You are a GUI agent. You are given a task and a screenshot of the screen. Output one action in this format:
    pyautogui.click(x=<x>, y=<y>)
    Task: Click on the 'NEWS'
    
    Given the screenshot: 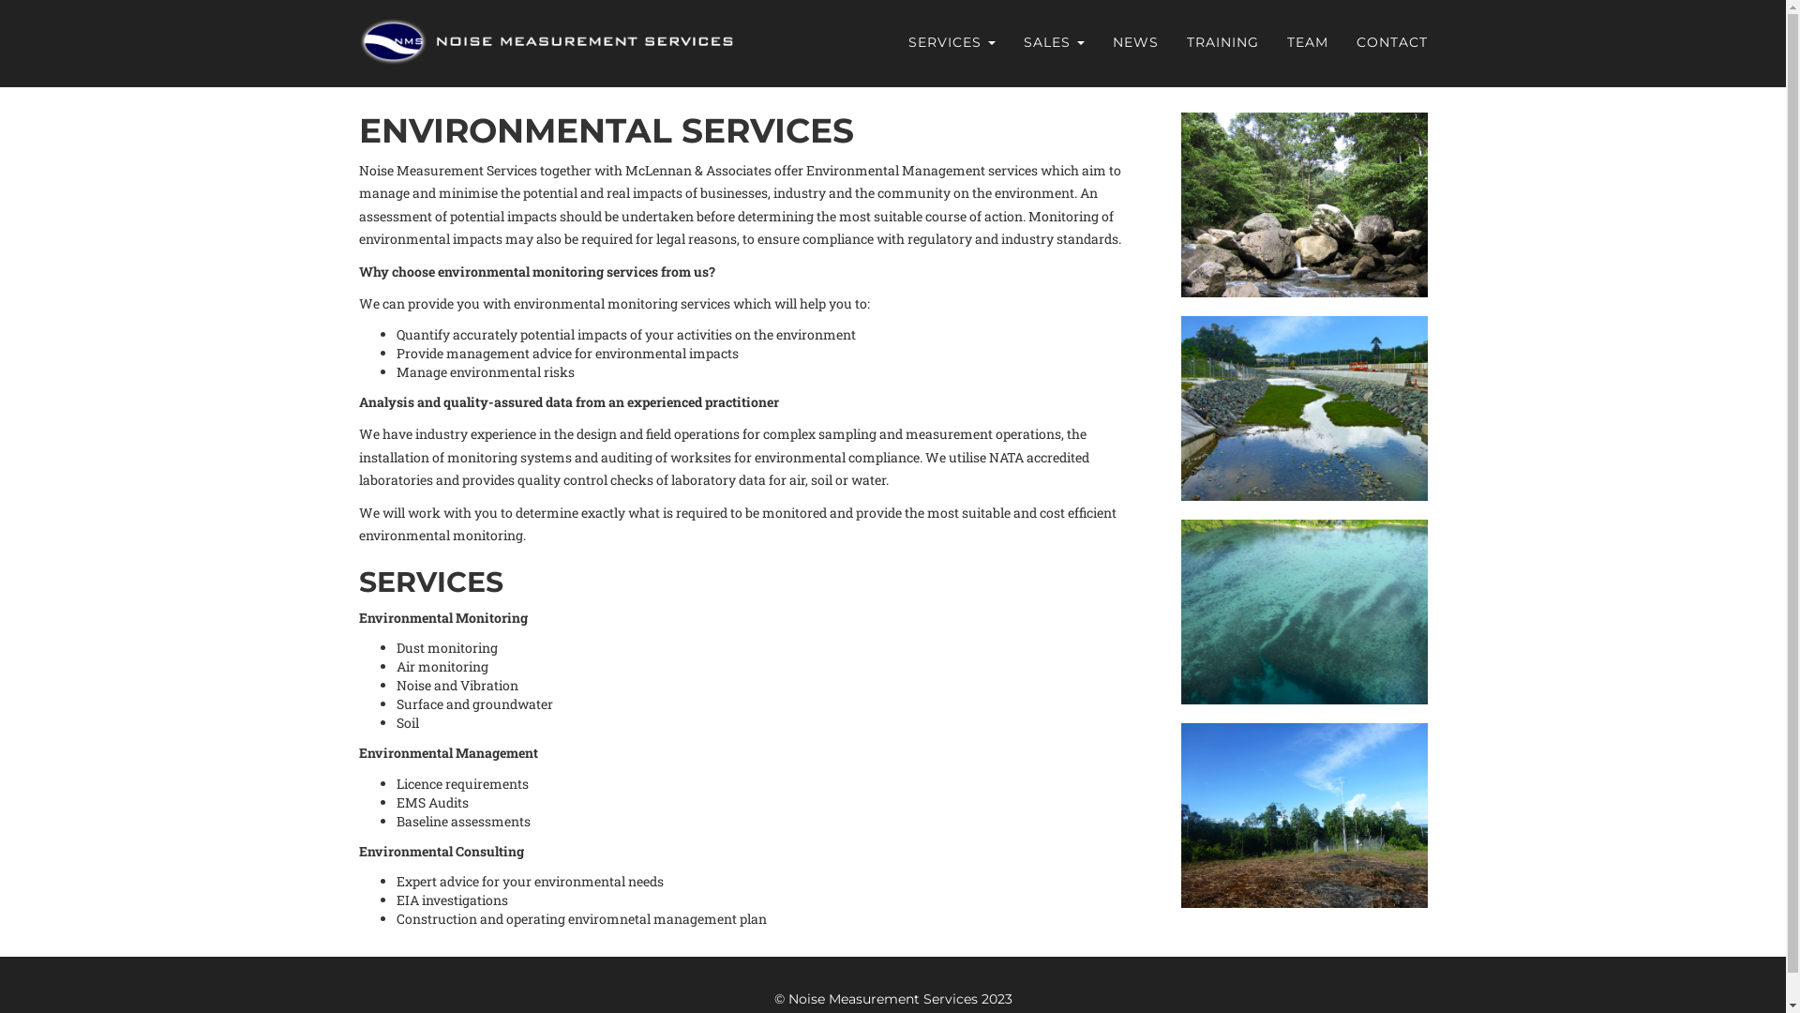 What is the action you would take?
    pyautogui.click(x=1098, y=42)
    